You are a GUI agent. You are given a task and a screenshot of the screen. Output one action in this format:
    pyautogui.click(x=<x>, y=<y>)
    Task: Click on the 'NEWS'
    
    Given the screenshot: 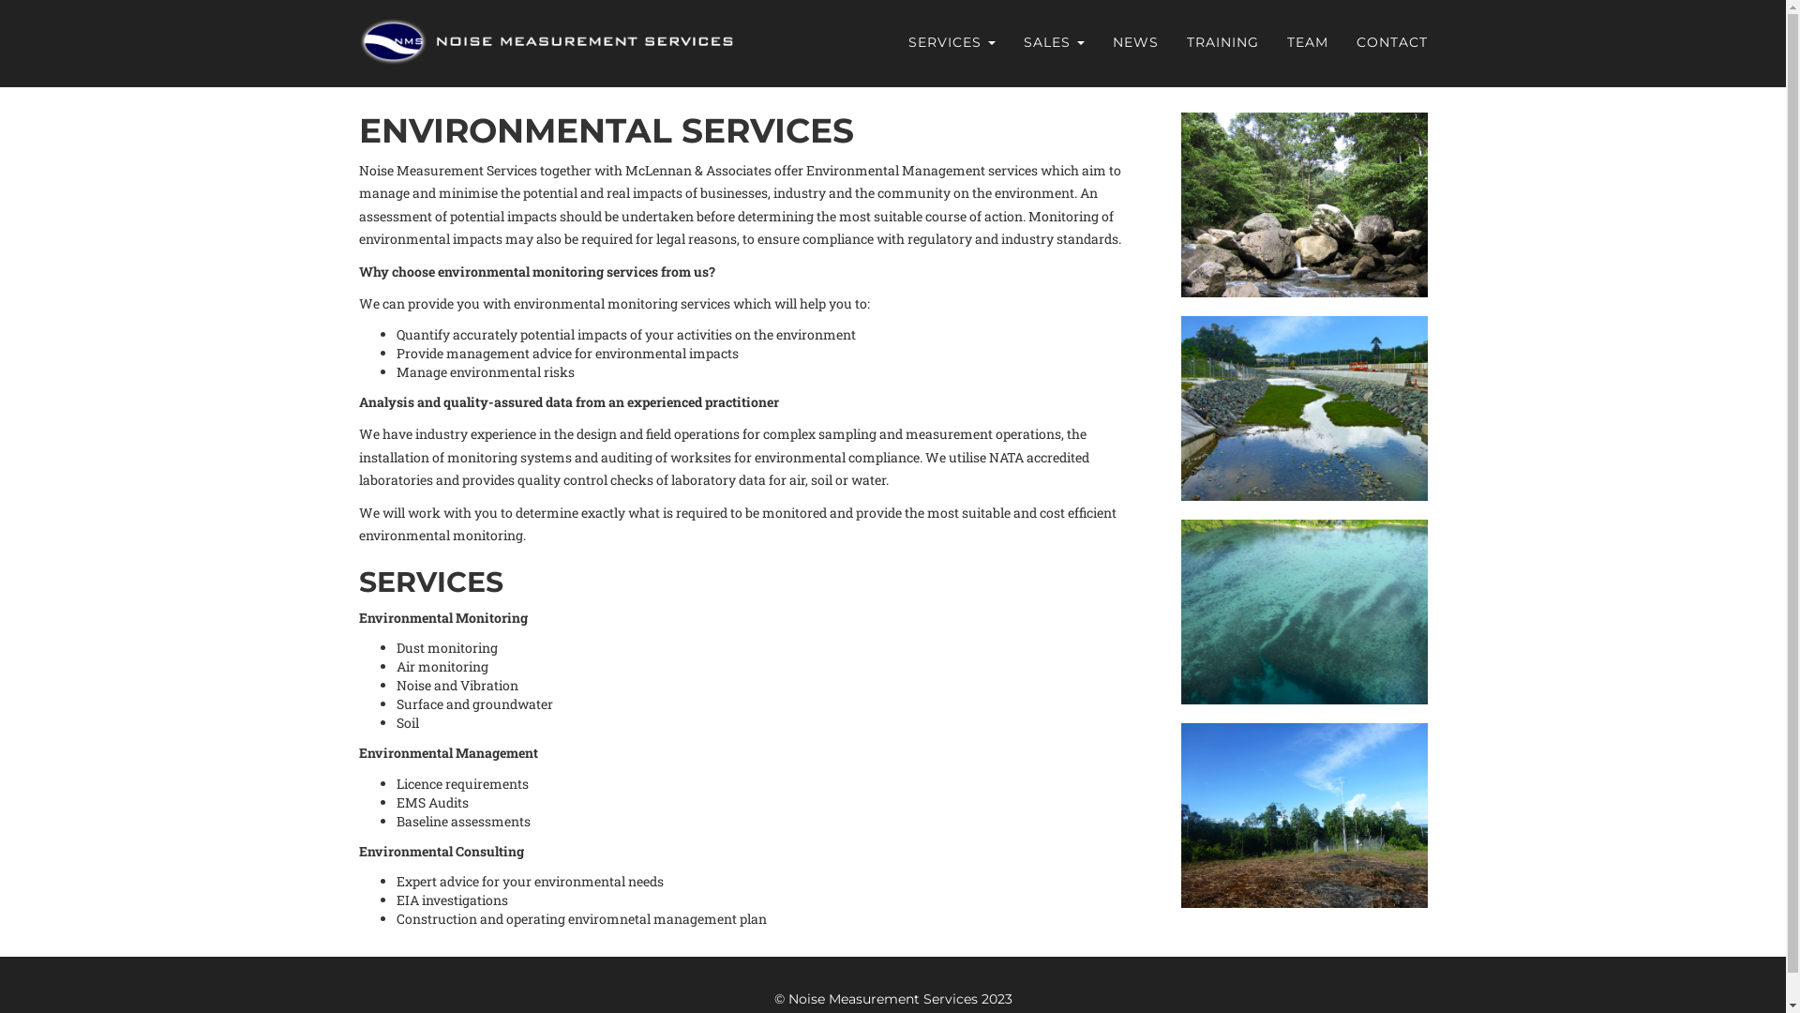 What is the action you would take?
    pyautogui.click(x=1098, y=42)
    